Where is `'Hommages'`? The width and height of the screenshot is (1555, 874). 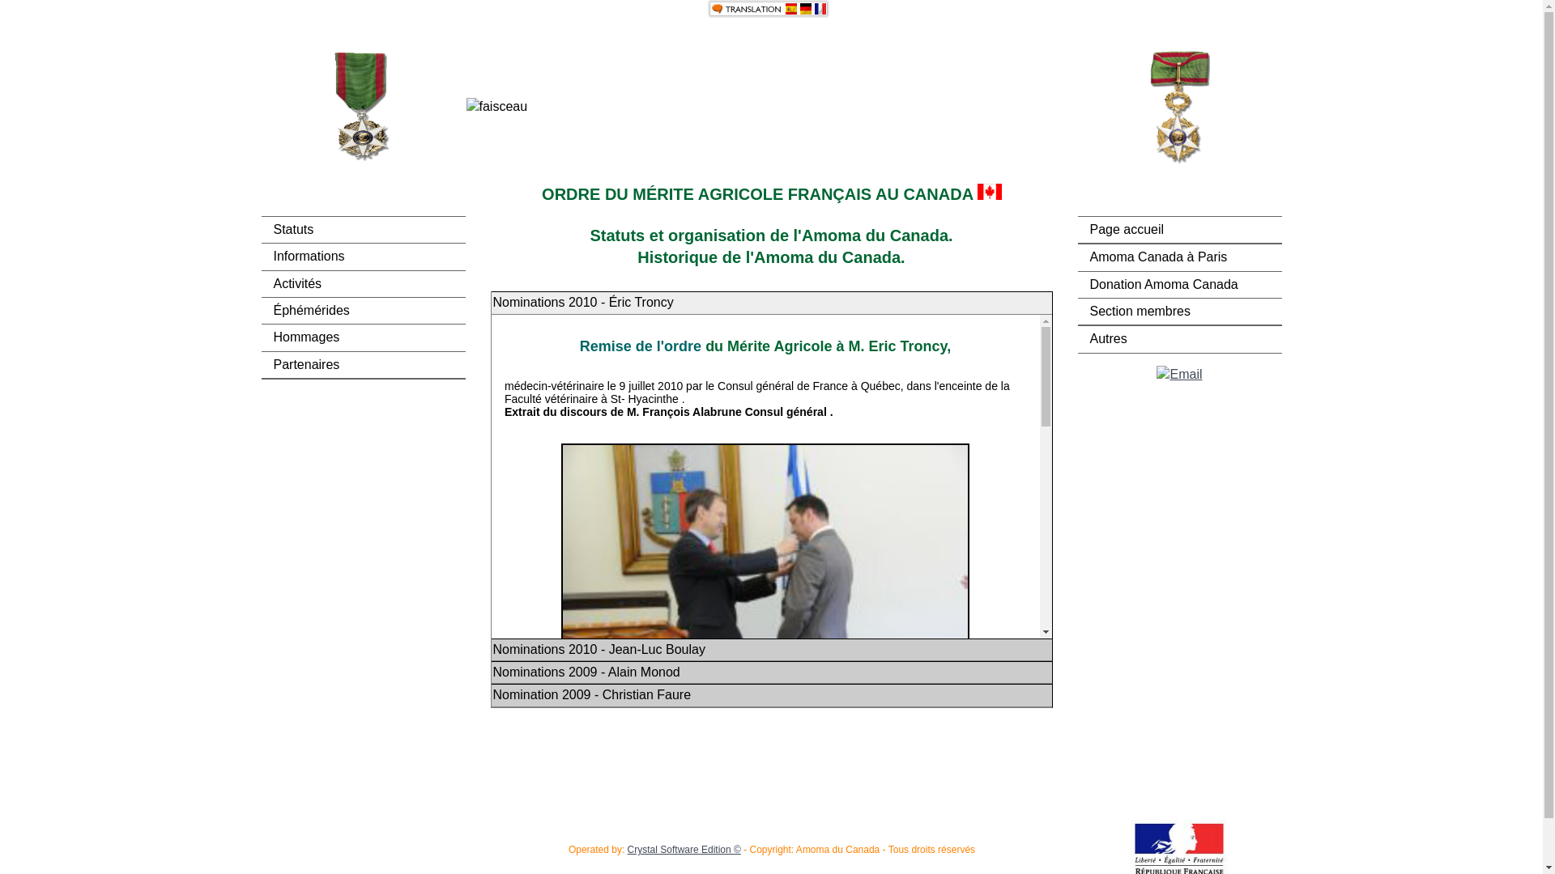 'Hommages' is located at coordinates (361, 336).